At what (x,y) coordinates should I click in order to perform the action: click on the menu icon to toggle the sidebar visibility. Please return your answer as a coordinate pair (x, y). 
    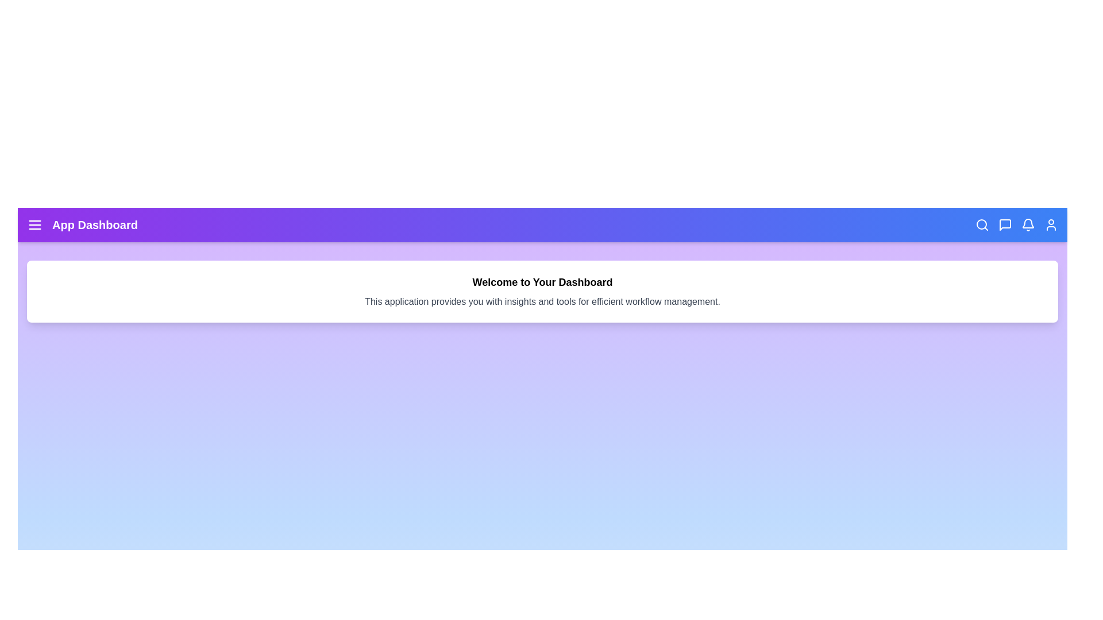
    Looking at the image, I should click on (35, 225).